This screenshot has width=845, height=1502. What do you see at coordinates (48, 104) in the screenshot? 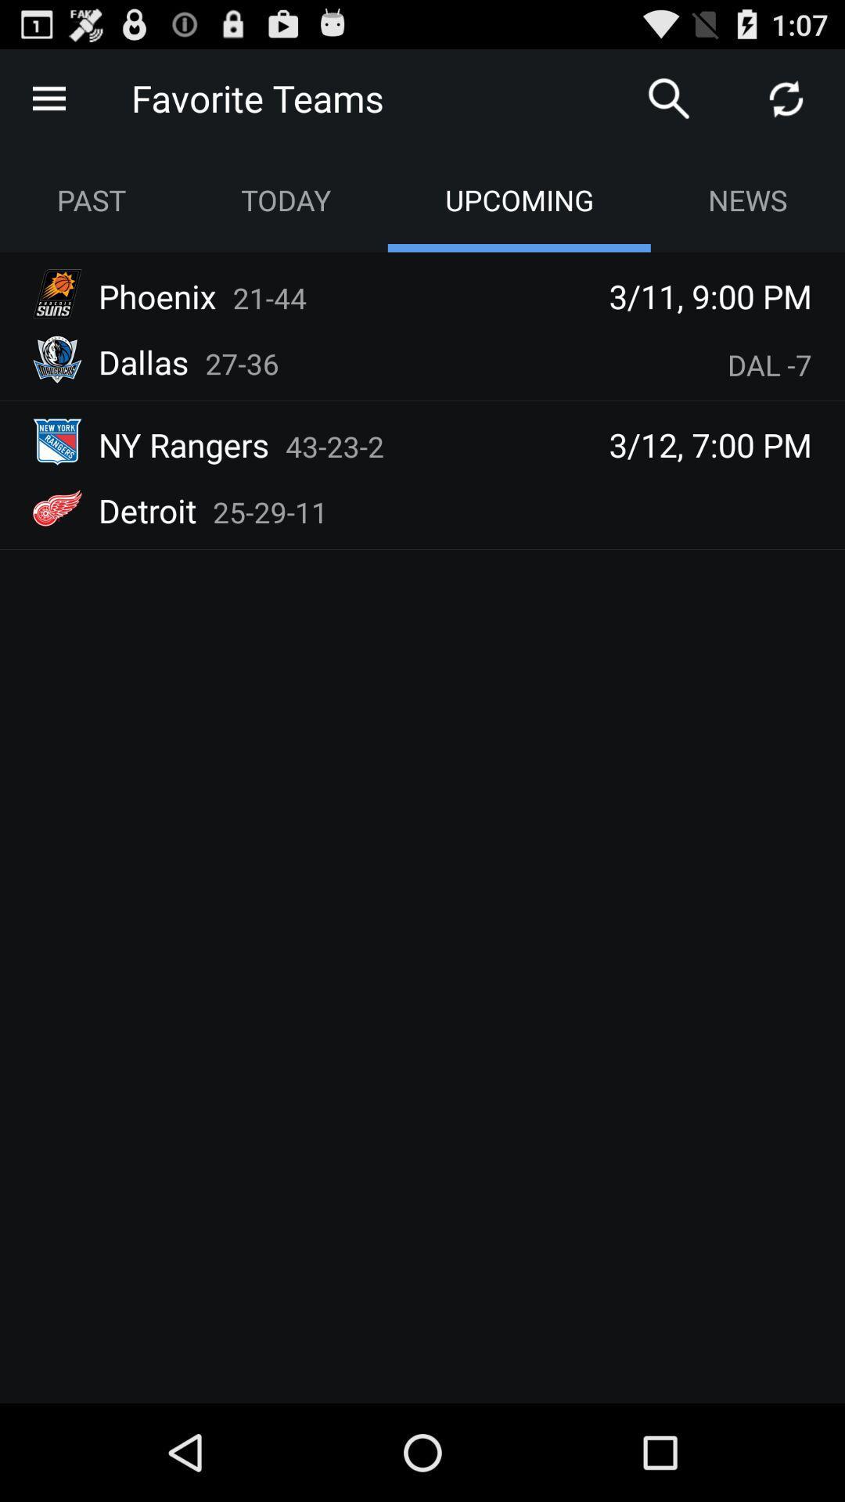
I see `the menu icon` at bounding box center [48, 104].